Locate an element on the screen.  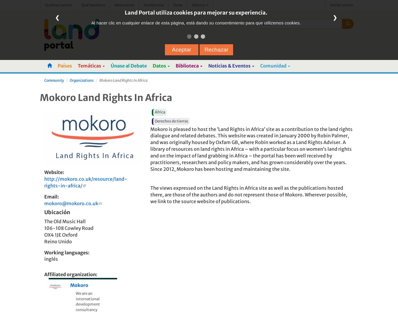
'Community' is located at coordinates (53, 80).